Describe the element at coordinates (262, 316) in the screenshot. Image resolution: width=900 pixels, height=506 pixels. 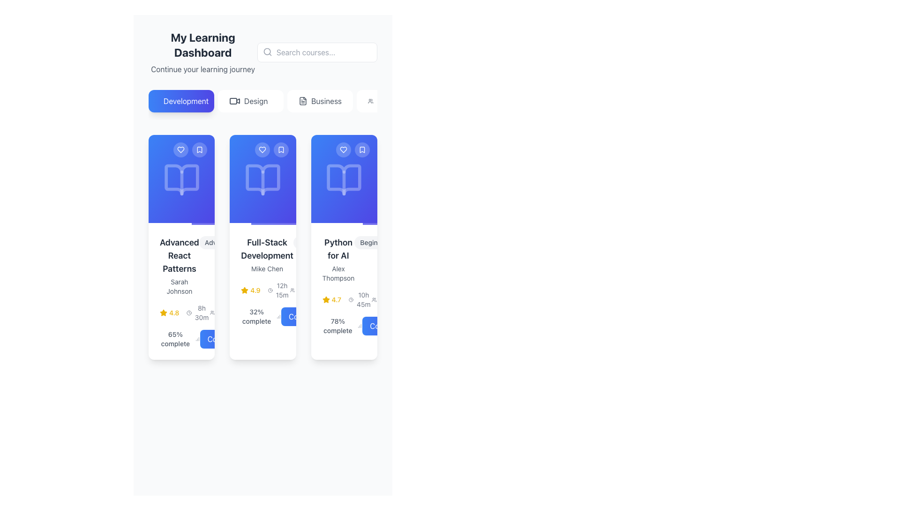
I see `the text '32% complete' with the accompanying bar chart icon located in the lower-right area of the 'Full-Stack Development' card, just above the 'Continue' button` at that location.